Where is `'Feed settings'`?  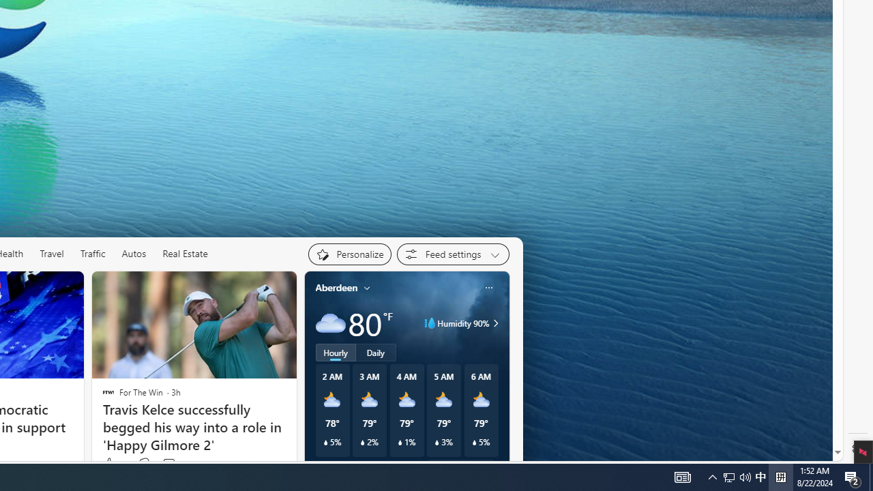 'Feed settings' is located at coordinates (453, 254).